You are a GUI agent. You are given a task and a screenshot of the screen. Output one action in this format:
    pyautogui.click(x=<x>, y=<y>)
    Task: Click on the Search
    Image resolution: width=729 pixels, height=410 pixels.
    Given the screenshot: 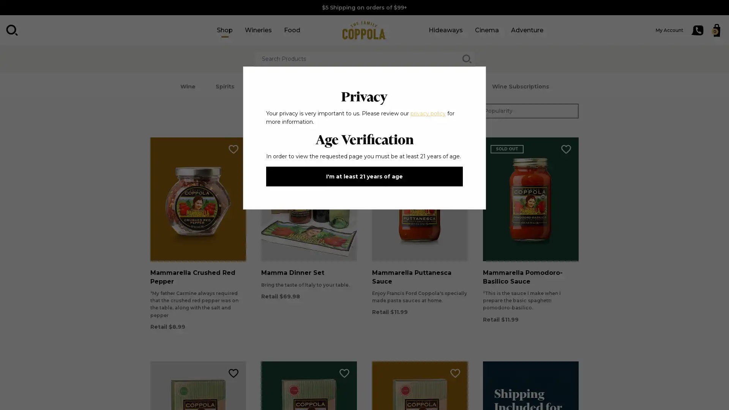 What is the action you would take?
    pyautogui.click(x=12, y=30)
    